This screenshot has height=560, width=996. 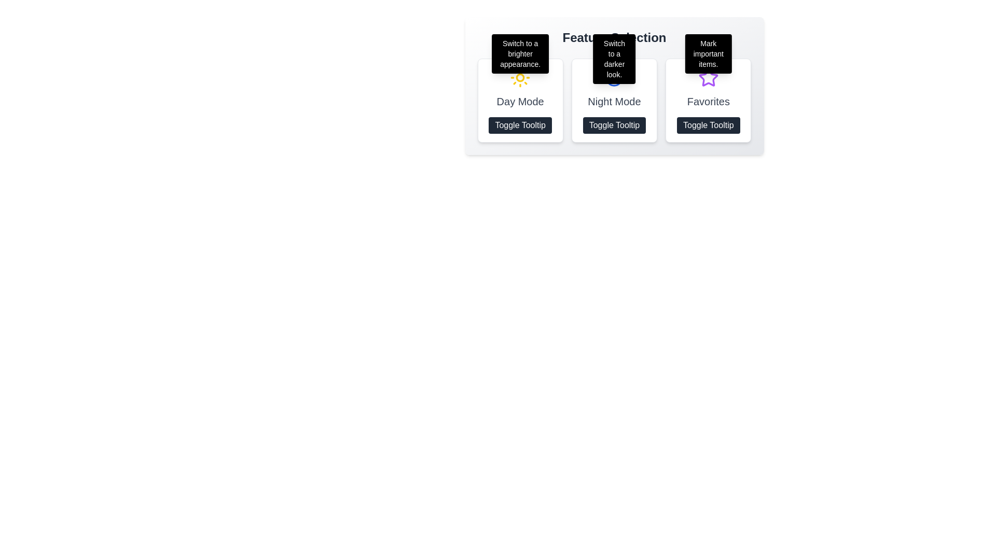 I want to click on the purple outlined star icon with a white fill located under the 'Favorites' label to mark it as favorite, so click(x=708, y=77).